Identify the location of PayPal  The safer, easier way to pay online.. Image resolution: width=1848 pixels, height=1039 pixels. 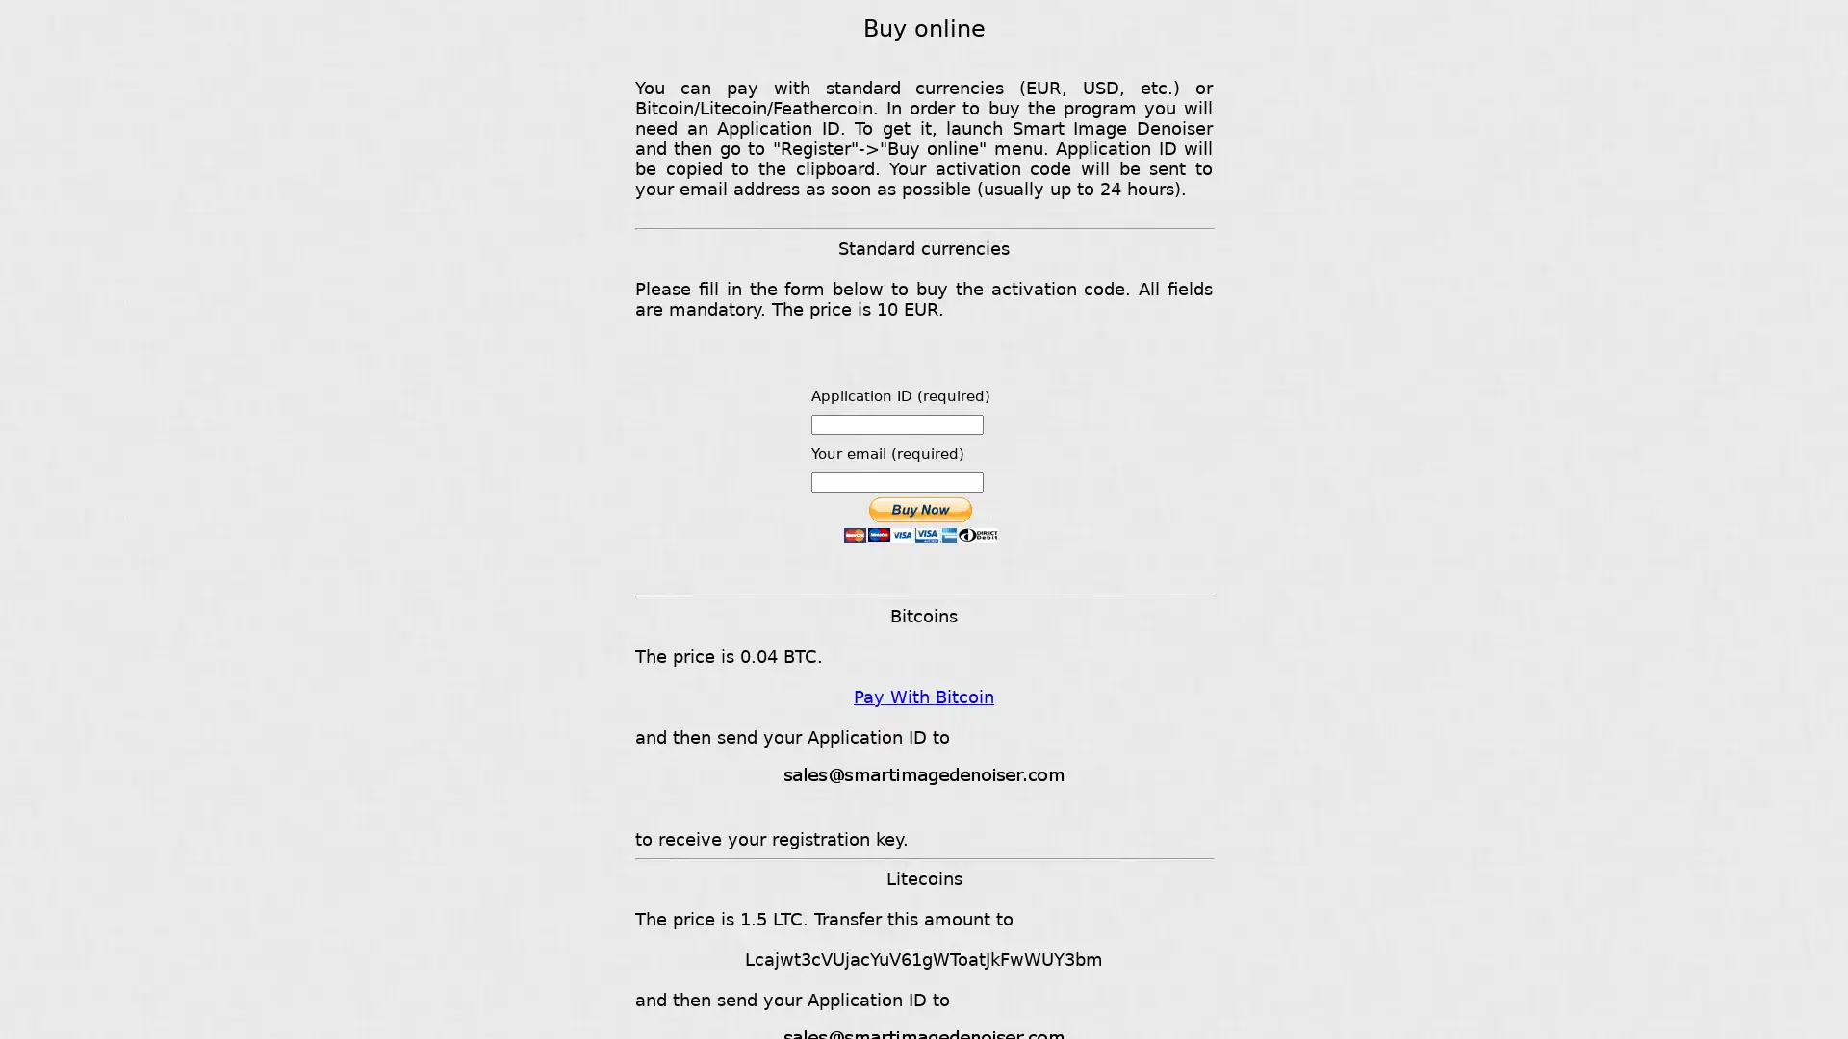
(918, 519).